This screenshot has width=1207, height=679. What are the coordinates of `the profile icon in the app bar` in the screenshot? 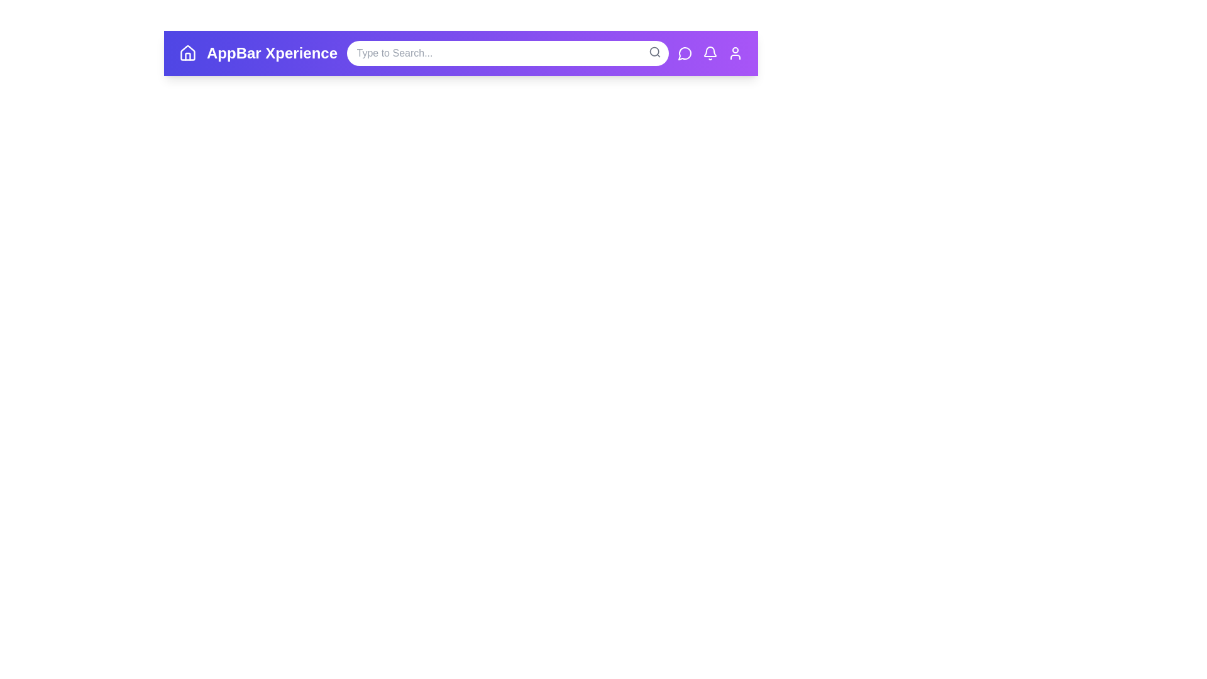 It's located at (736, 52).